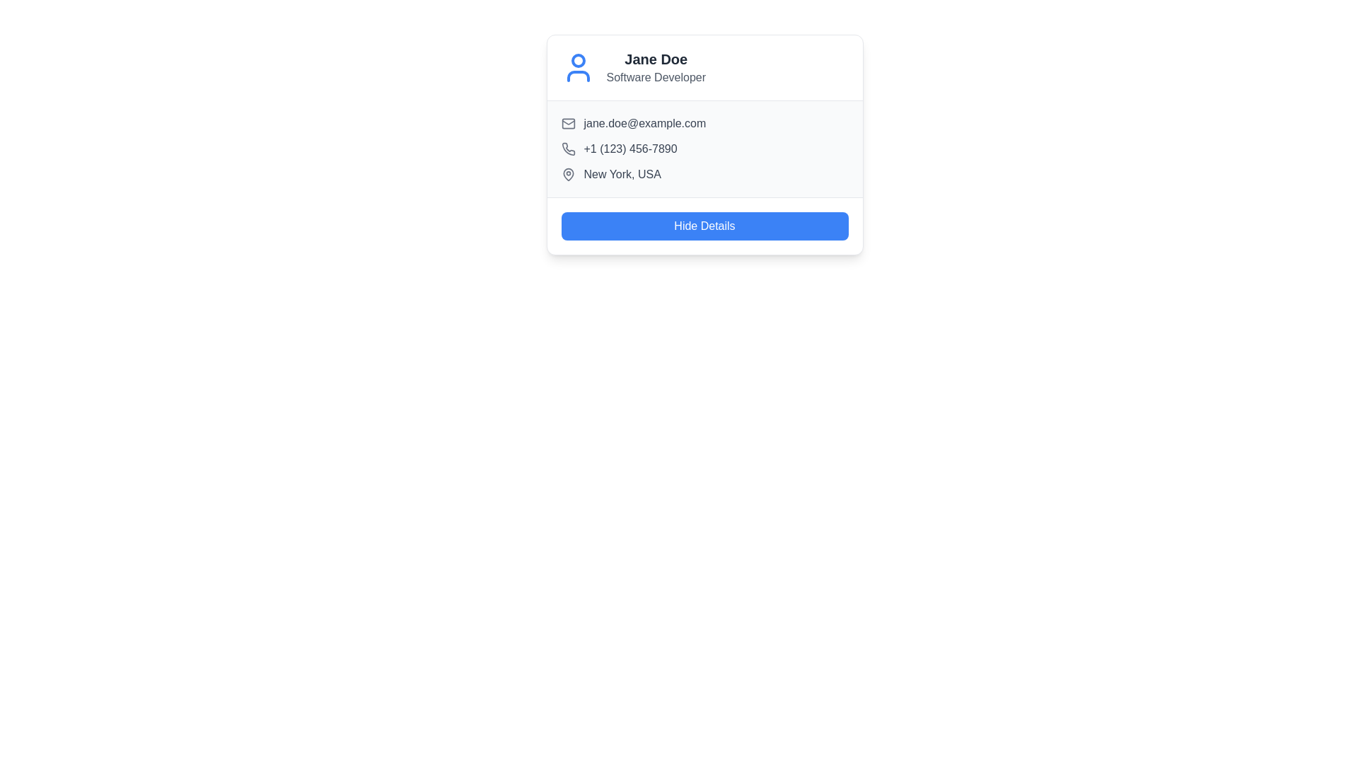 The height and width of the screenshot is (764, 1358). What do you see at coordinates (568, 149) in the screenshot?
I see `the phone contact icon located in the center-left part of the contact card layout` at bounding box center [568, 149].